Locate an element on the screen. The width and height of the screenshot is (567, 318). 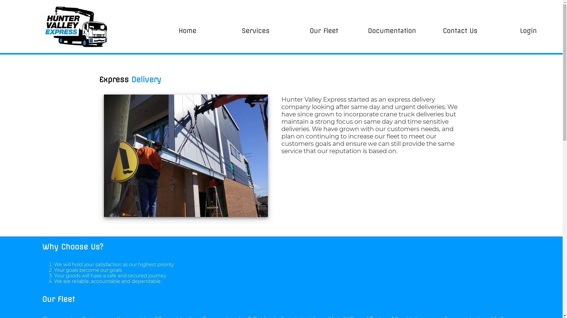
'Services' is located at coordinates (255, 31).